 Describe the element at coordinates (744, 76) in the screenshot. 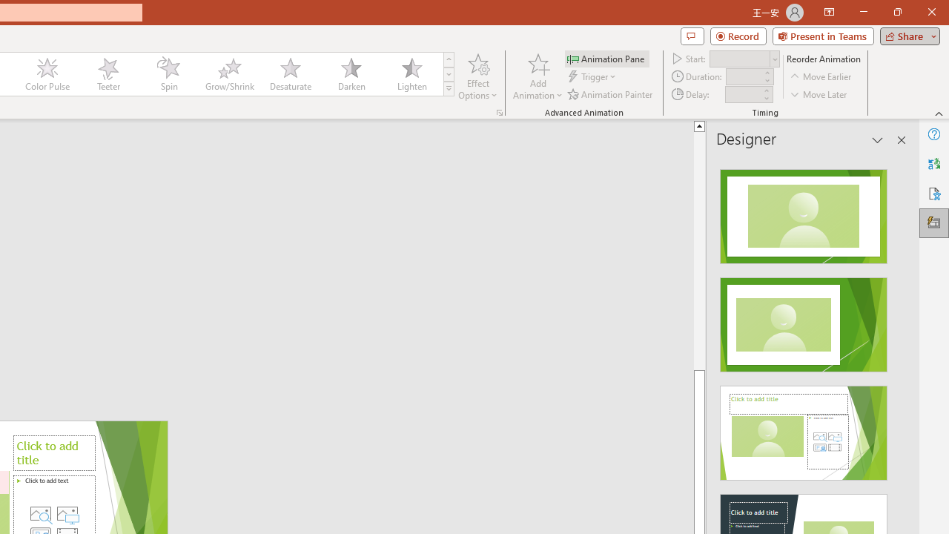

I see `'Animation Duration'` at that location.